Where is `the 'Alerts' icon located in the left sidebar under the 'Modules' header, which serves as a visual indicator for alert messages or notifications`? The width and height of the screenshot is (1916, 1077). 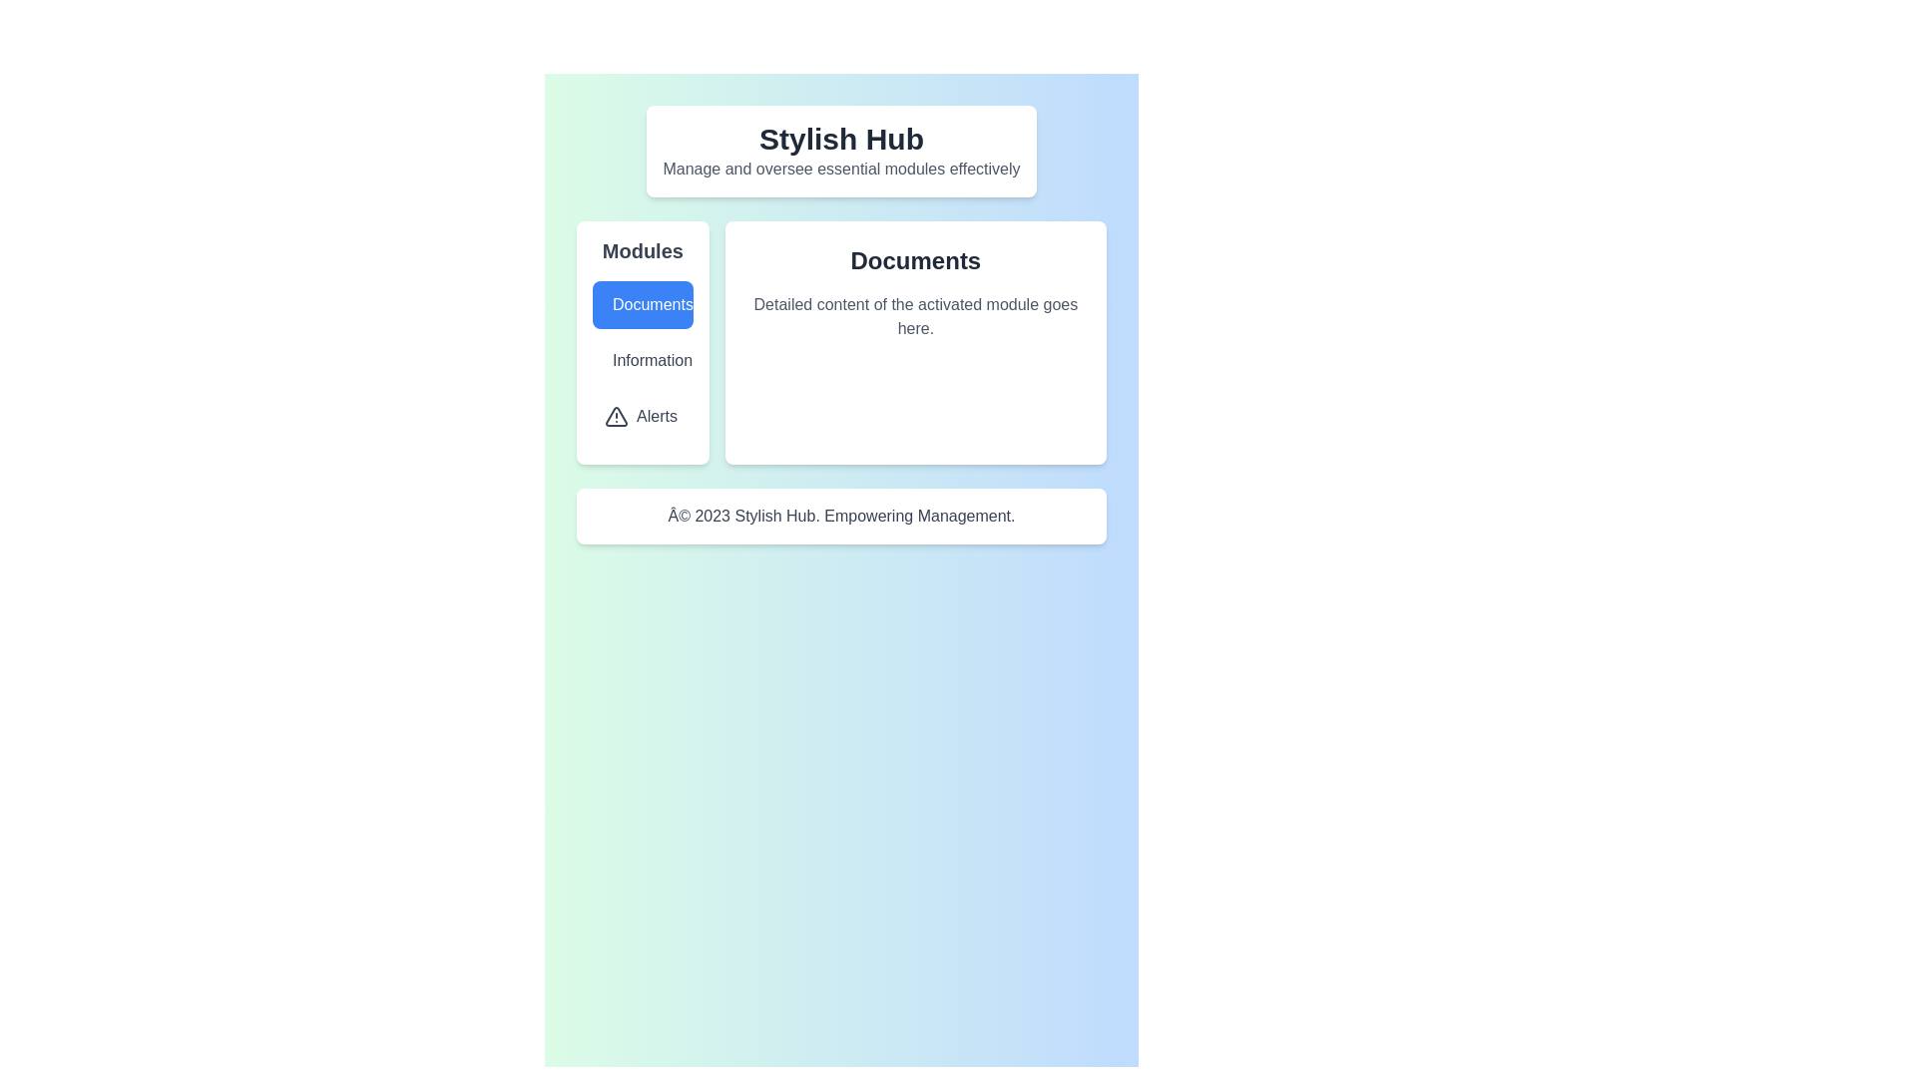 the 'Alerts' icon located in the left sidebar under the 'Modules' header, which serves as a visual indicator for alert messages or notifications is located at coordinates (616, 415).